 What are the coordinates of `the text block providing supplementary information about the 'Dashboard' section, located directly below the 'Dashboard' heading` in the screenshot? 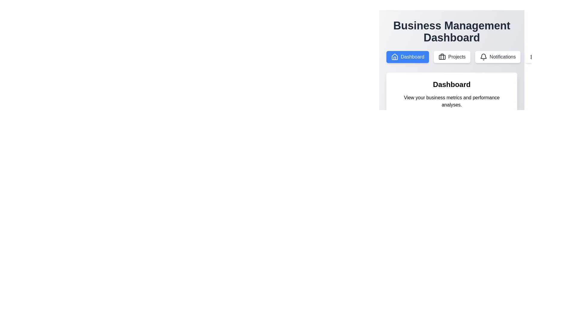 It's located at (452, 101).